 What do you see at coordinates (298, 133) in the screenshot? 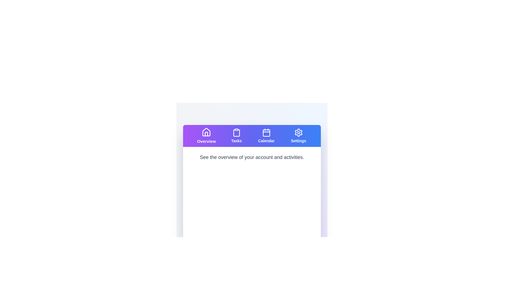
I see `the gear-like settings icon located at the rightmost position in the navigation bar` at bounding box center [298, 133].